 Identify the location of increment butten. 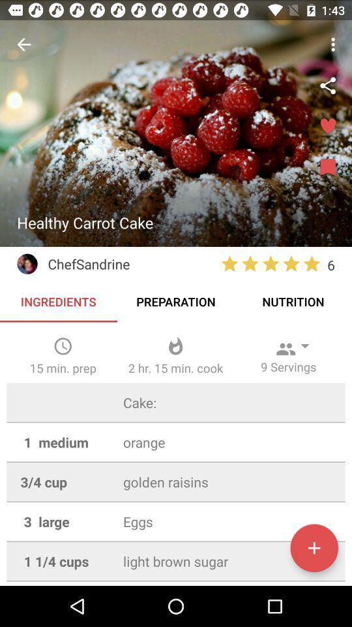
(314, 548).